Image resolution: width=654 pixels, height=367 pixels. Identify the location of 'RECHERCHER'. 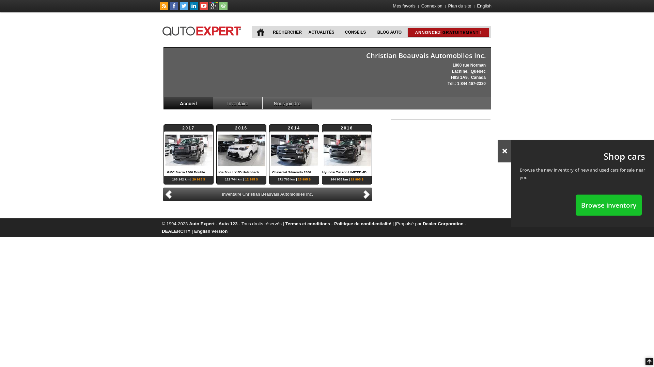
(269, 32).